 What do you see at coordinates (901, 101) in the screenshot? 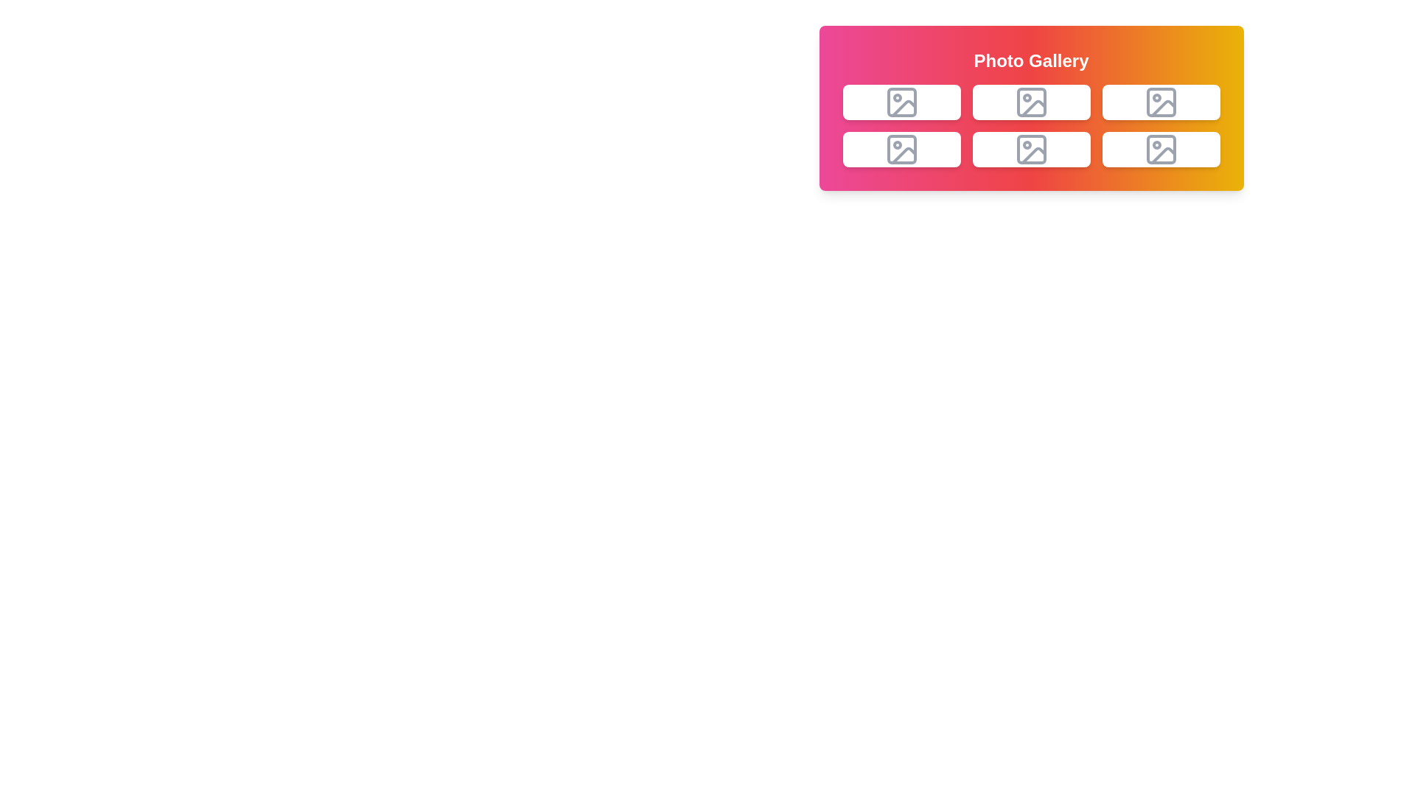
I see `the hover effect of the small photo frame icon located in the second cell of the first row in the Photo Gallery section` at bounding box center [901, 101].